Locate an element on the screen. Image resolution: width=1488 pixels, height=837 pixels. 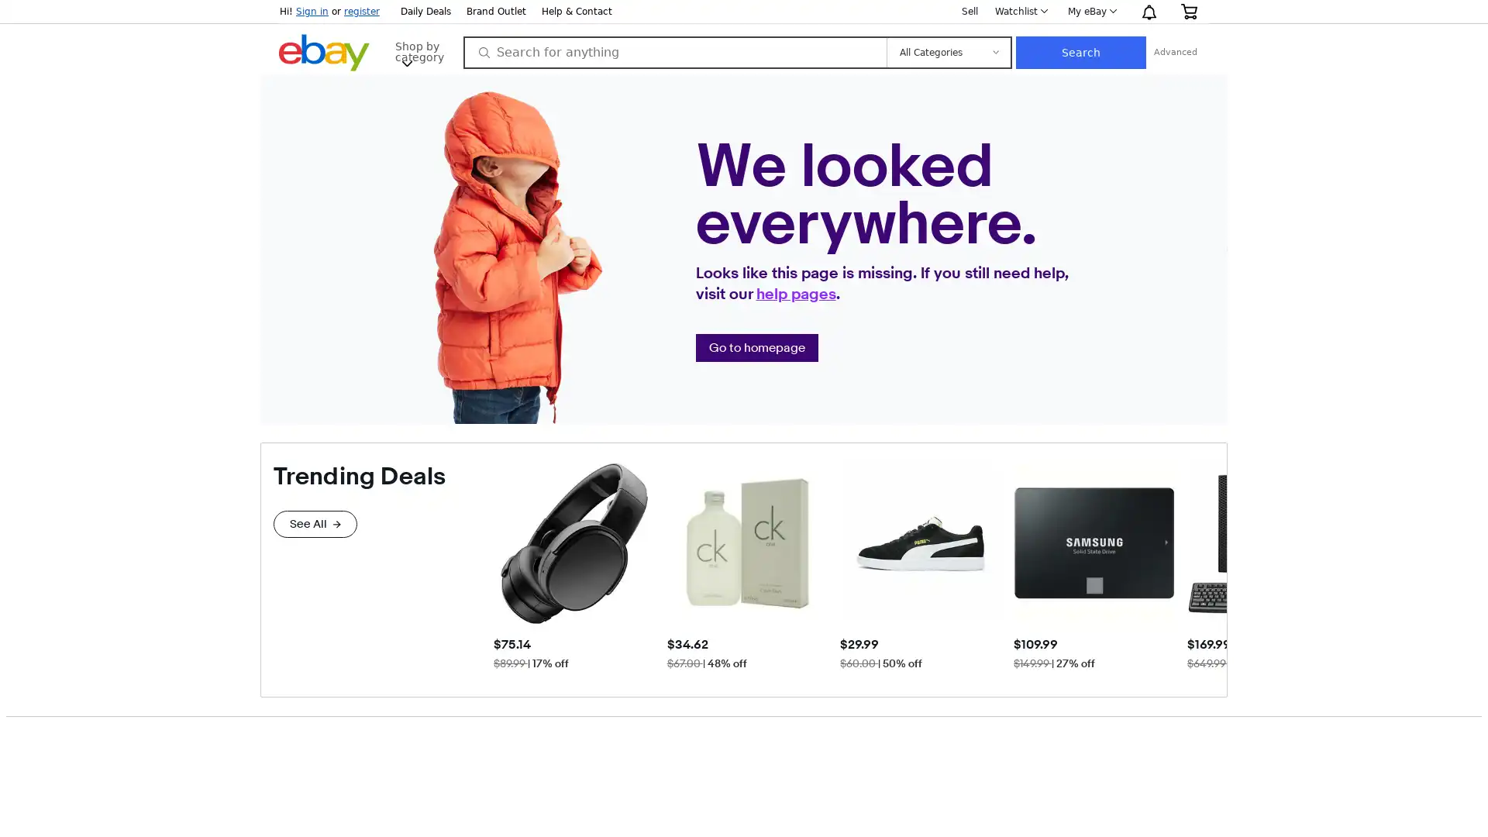
Search is located at coordinates (1187, 52).